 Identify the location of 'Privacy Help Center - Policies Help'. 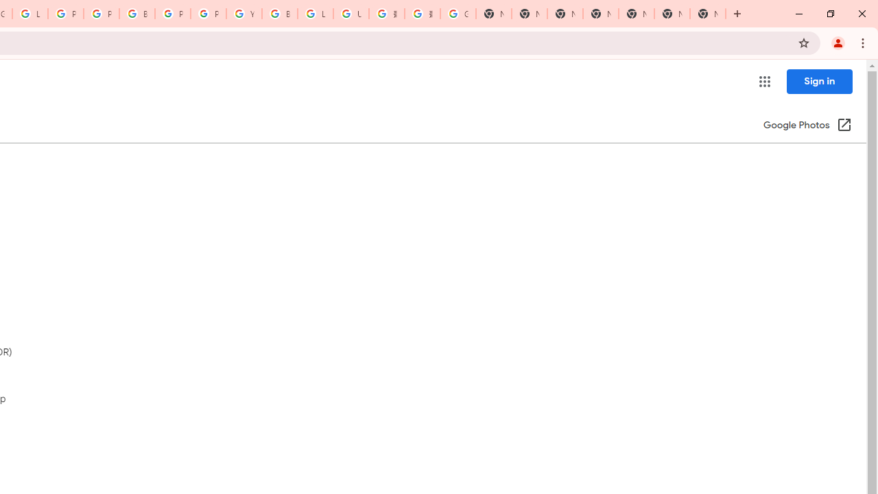
(100, 14).